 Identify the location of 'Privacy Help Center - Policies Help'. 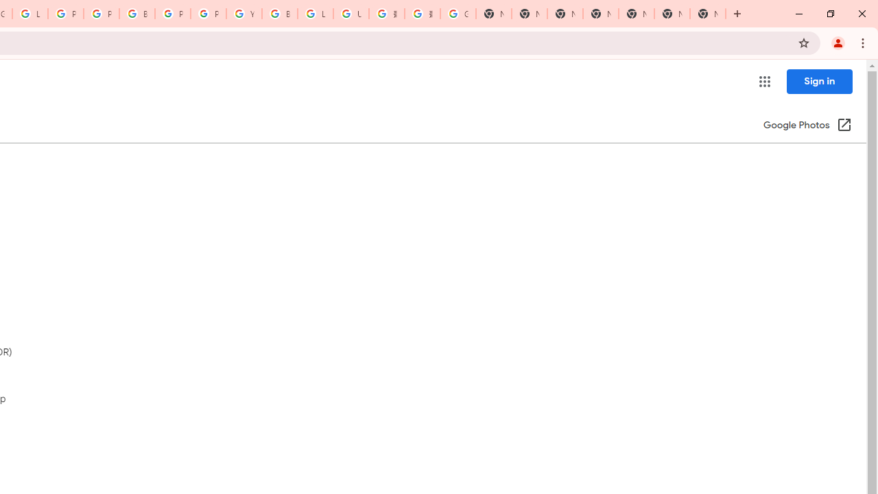
(100, 14).